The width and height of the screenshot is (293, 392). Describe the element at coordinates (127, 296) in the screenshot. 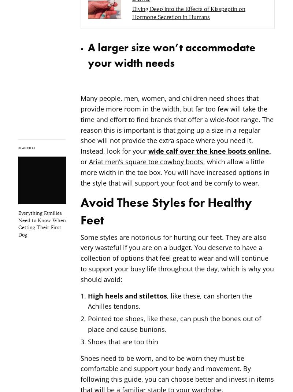

I see `'High heels and stilettos'` at that location.